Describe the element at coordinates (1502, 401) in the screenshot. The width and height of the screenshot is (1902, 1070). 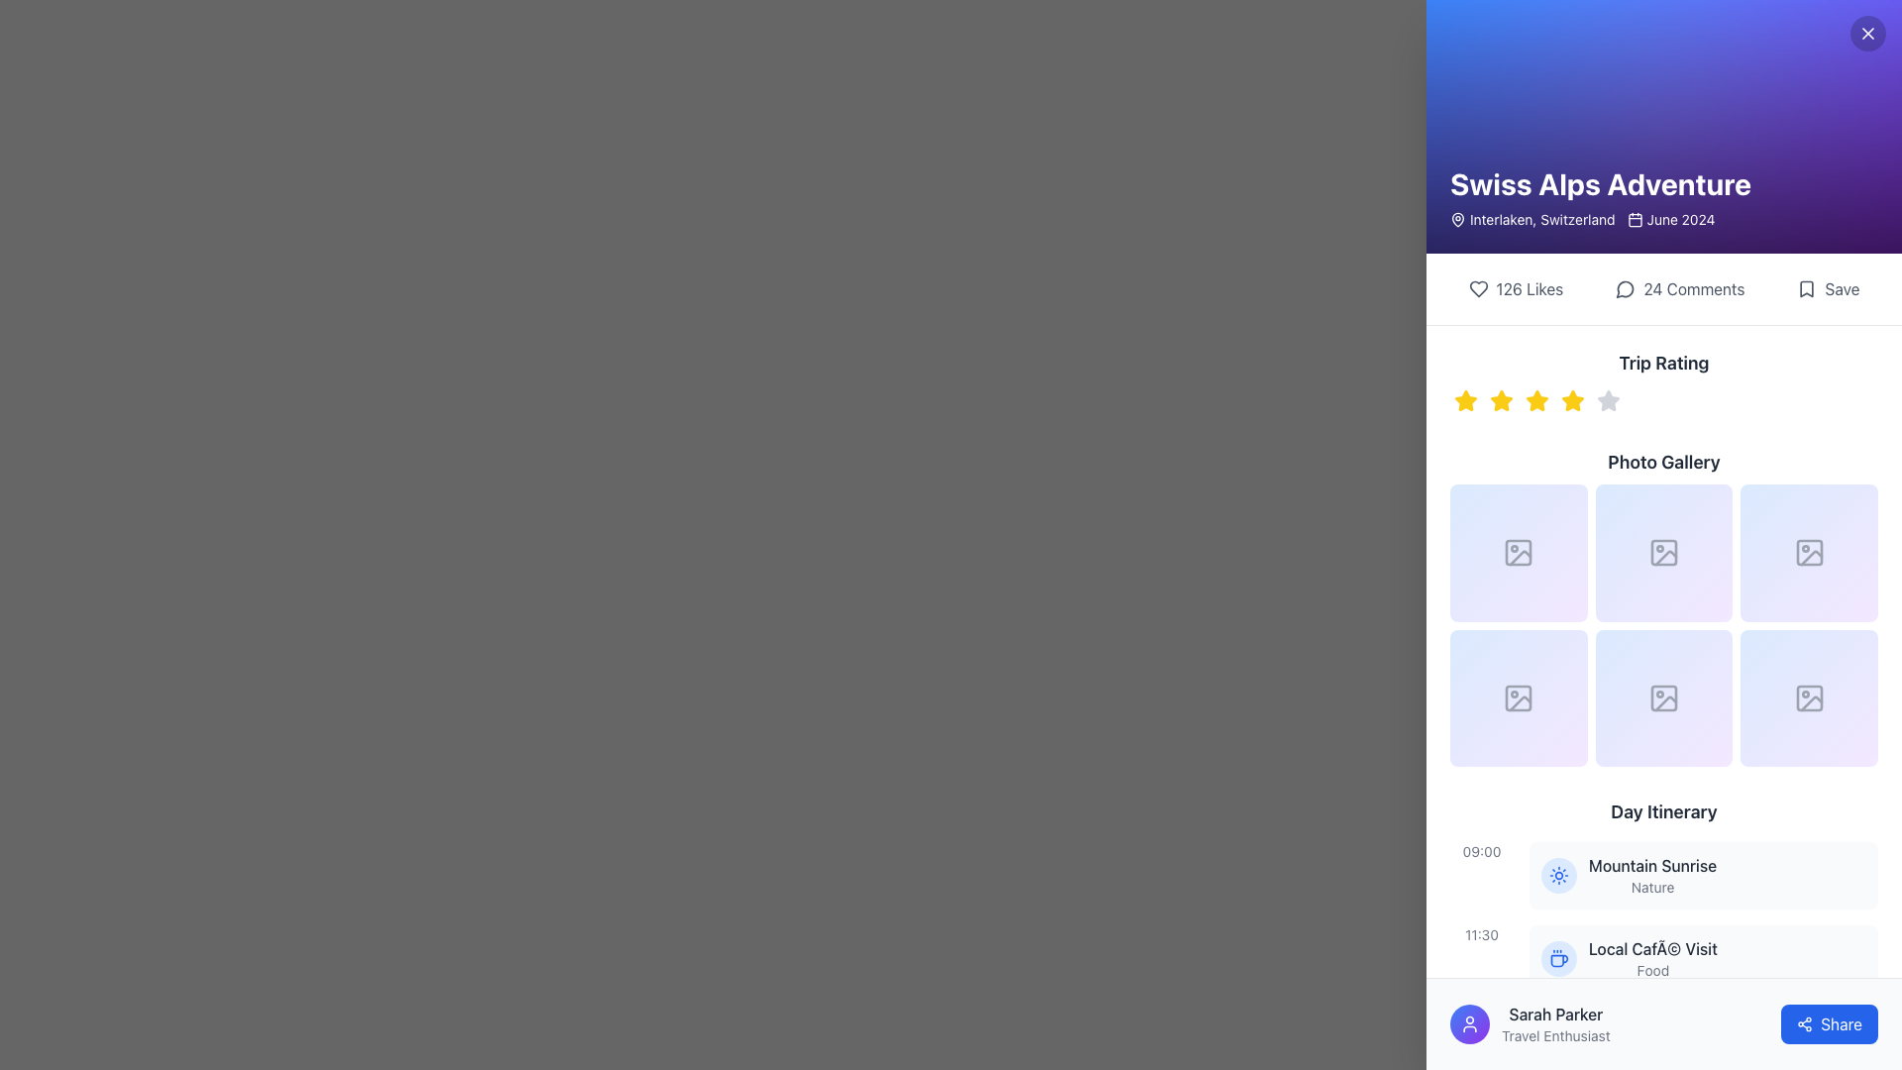
I see `the yellow star icon styled as a rating indicator, which is the second star in a row of five stars near the 'Trip Rating' heading` at that location.